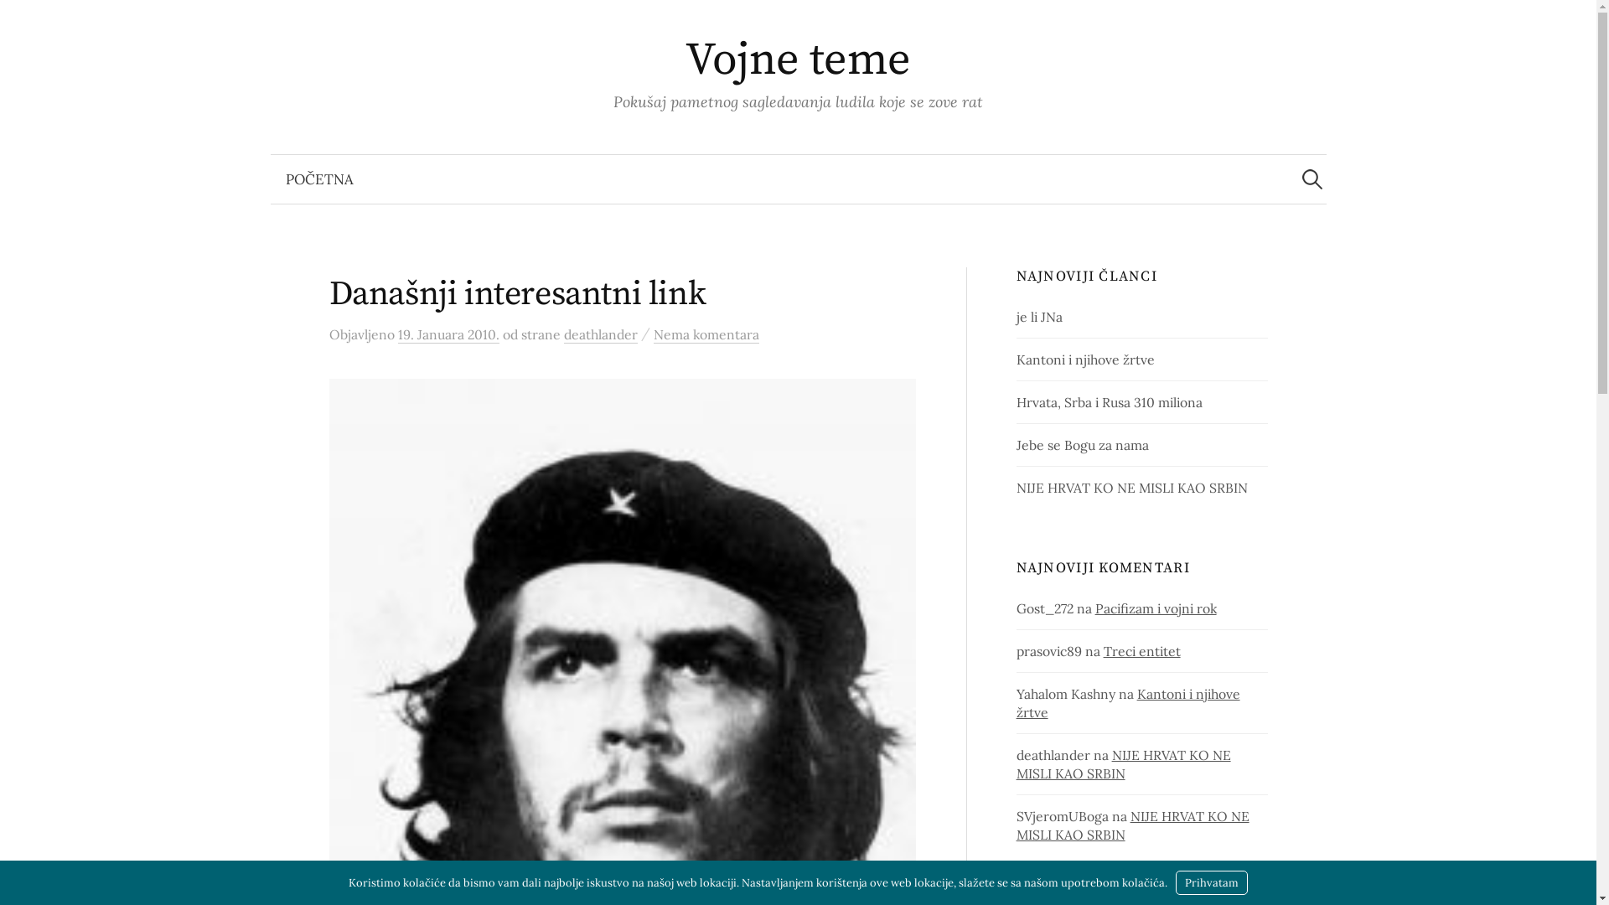 This screenshot has width=1609, height=905. Describe the element at coordinates (1123, 763) in the screenshot. I see `'NIJE HRVAT KO NE MISLI KAO SRBIN'` at that location.